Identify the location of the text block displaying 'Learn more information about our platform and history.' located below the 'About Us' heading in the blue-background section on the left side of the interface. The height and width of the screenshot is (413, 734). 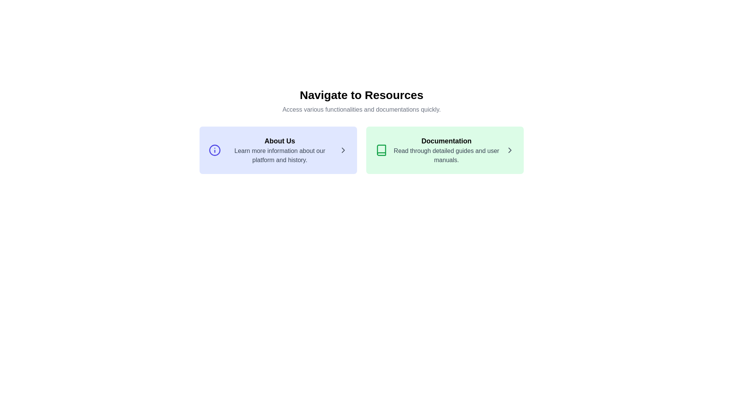
(279, 155).